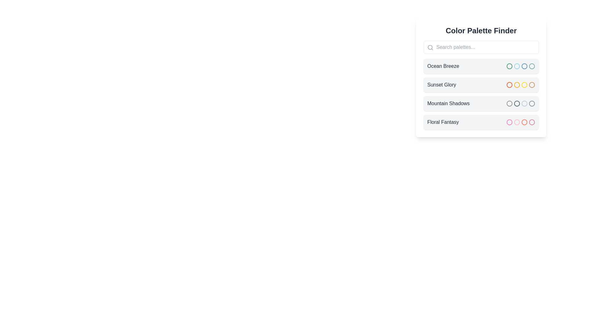  Describe the element at coordinates (510, 122) in the screenshot. I see `the Circle icon representing the selectable color option for the 'Floral Fantasy' palette` at that location.